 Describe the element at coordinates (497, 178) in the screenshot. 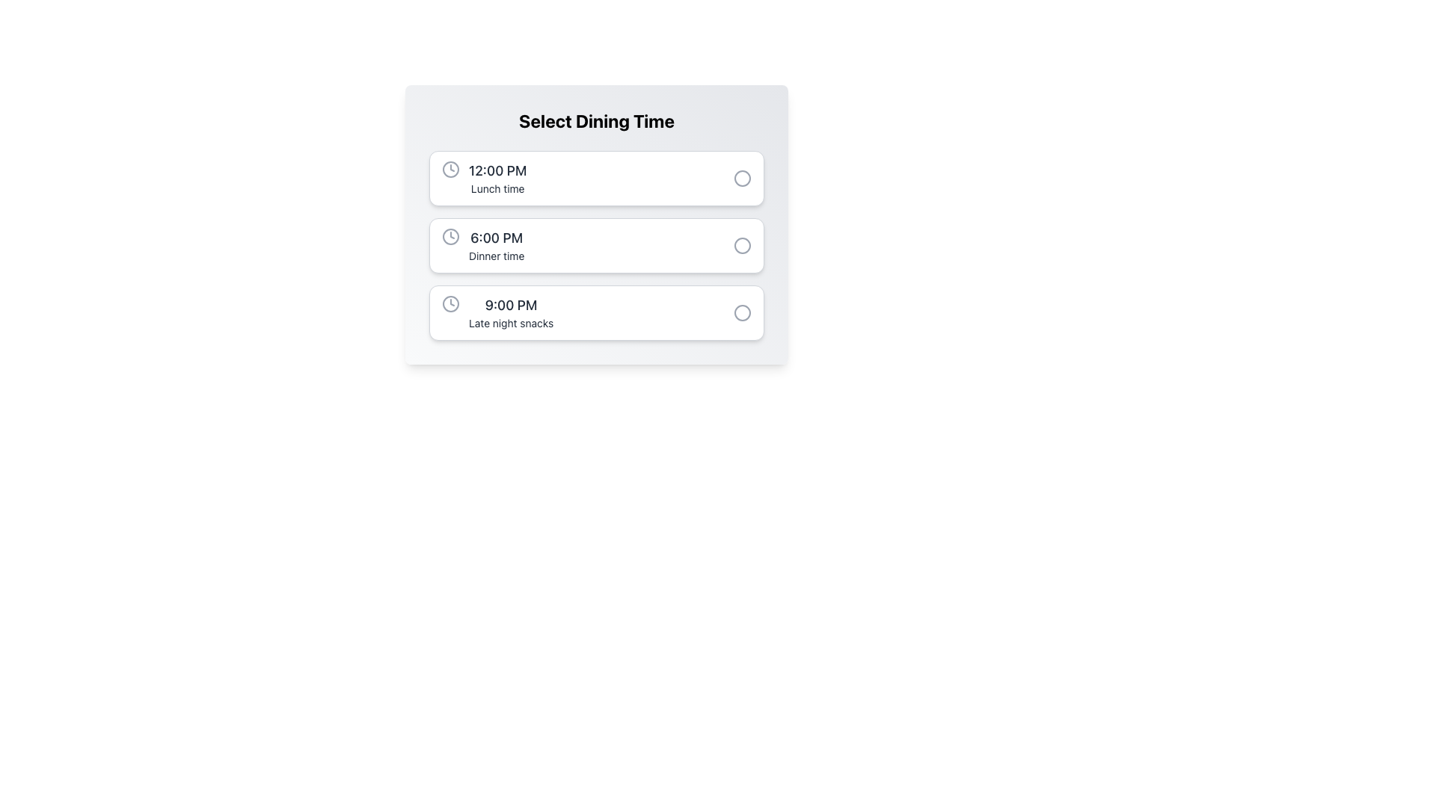

I see `the Text Label displaying '12:00 PM' and 'Lunch time'` at that location.